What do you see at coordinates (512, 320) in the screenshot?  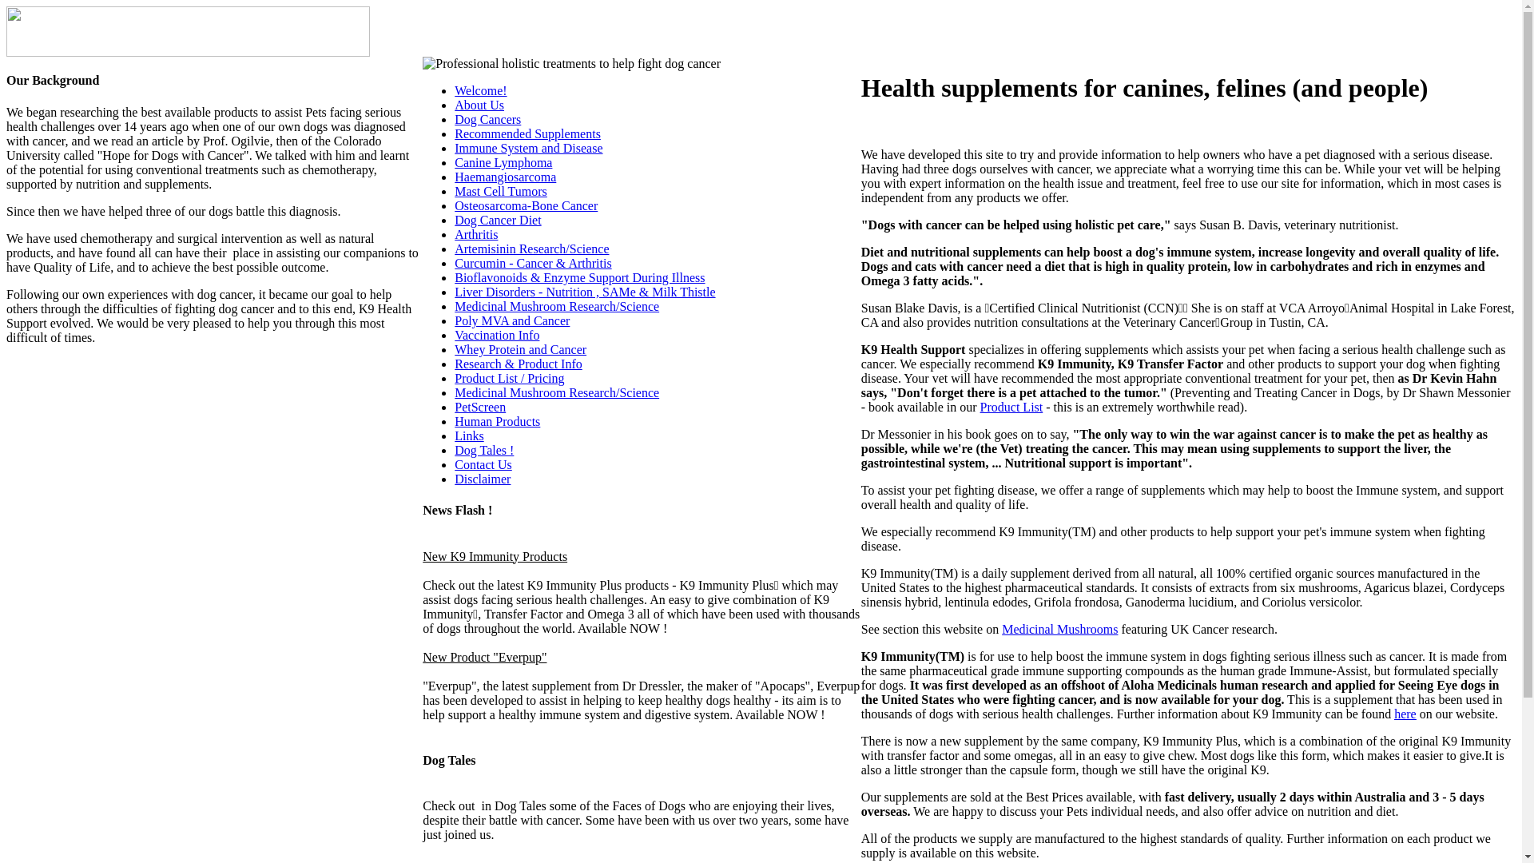 I see `'Poly MVA and Cancer'` at bounding box center [512, 320].